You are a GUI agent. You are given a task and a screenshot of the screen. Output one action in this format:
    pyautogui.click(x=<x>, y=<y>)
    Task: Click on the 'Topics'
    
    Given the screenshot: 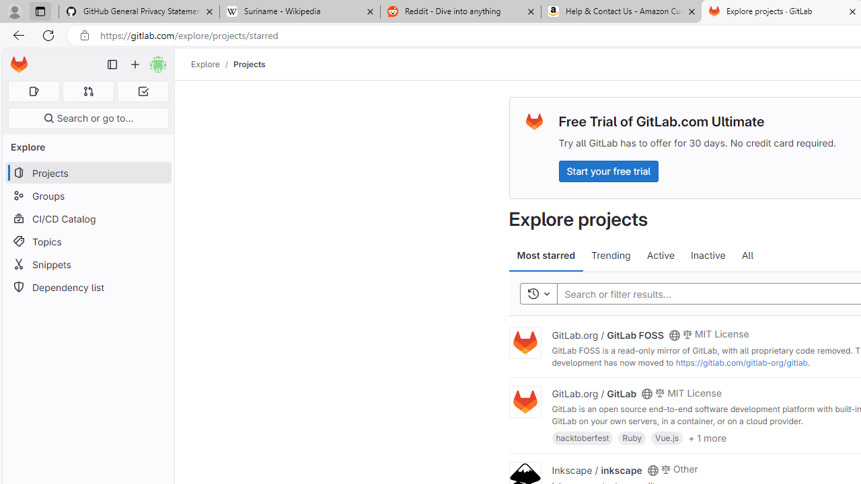 What is the action you would take?
    pyautogui.click(x=87, y=241)
    